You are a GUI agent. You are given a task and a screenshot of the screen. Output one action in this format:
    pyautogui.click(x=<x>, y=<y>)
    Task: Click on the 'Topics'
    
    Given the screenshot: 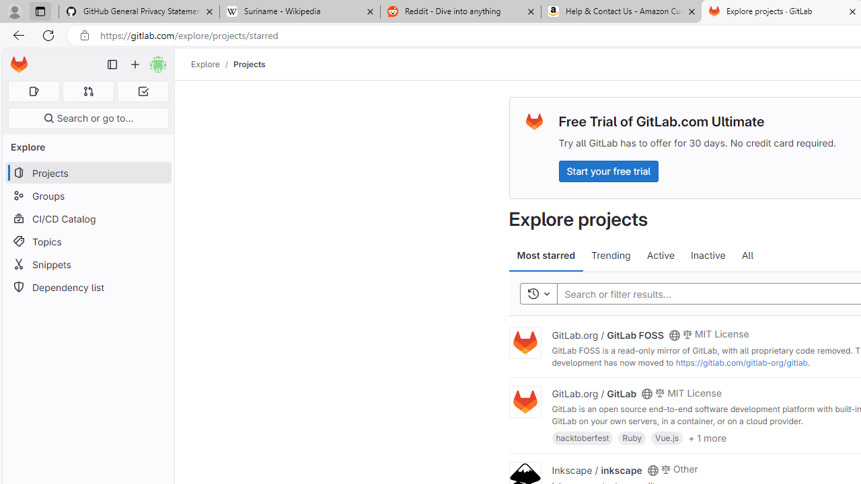 What is the action you would take?
    pyautogui.click(x=87, y=241)
    